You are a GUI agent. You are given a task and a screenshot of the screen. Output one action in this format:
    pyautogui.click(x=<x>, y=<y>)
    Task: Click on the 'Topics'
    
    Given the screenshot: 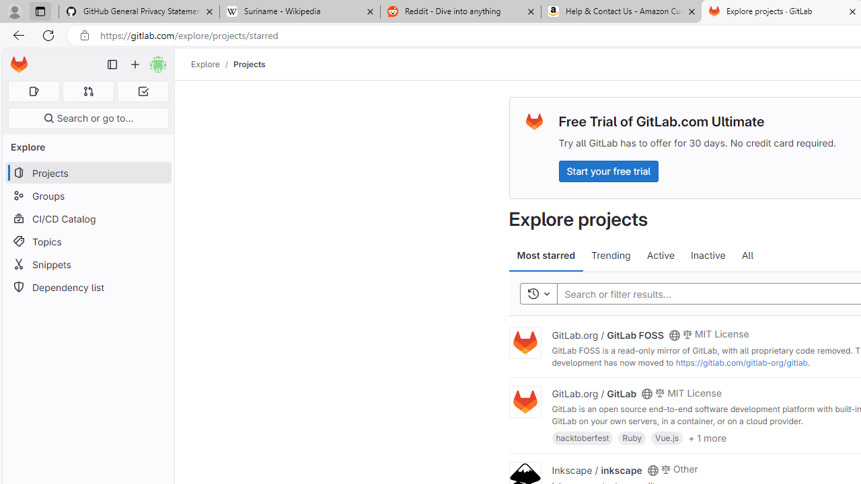 What is the action you would take?
    pyautogui.click(x=87, y=241)
    